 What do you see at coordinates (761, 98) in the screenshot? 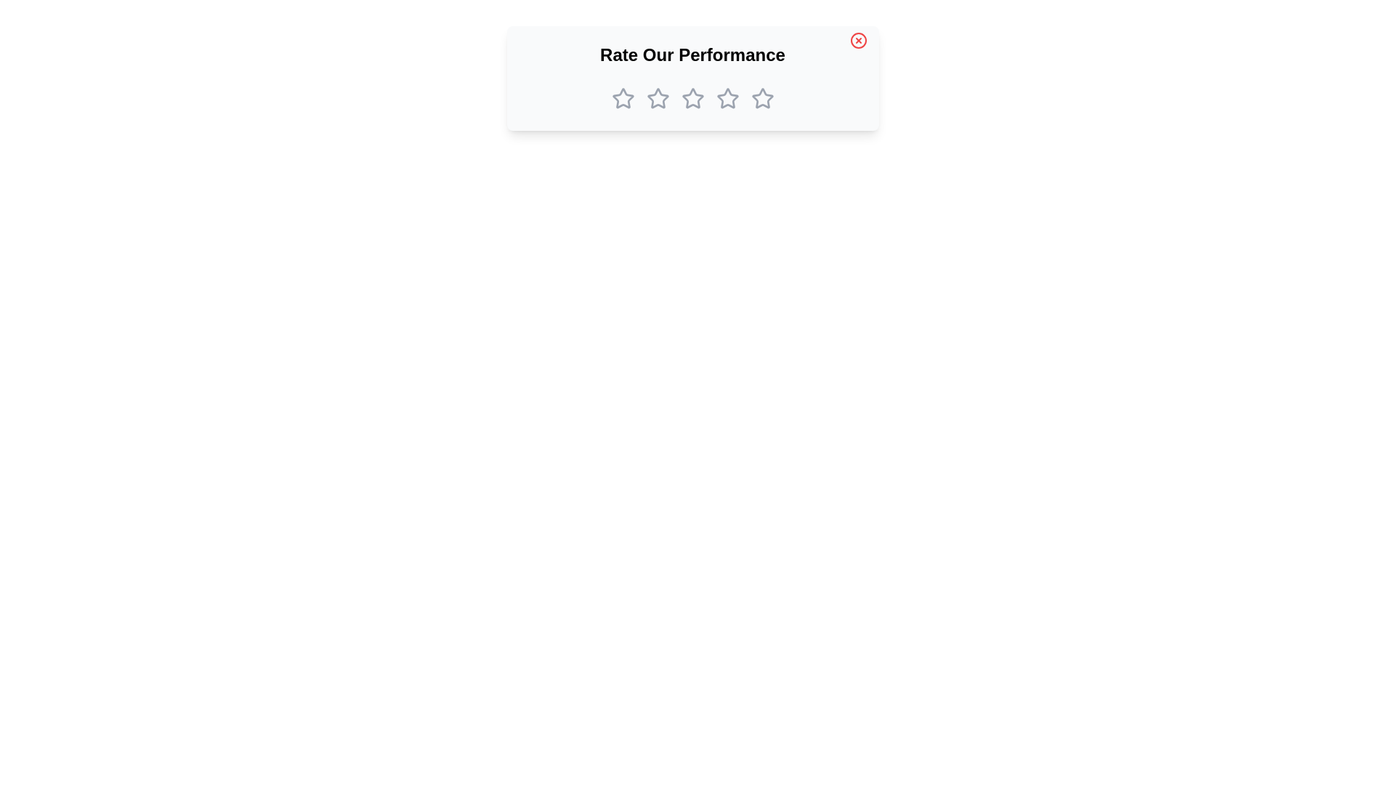
I see `the star corresponding to the desired rating 5` at bounding box center [761, 98].